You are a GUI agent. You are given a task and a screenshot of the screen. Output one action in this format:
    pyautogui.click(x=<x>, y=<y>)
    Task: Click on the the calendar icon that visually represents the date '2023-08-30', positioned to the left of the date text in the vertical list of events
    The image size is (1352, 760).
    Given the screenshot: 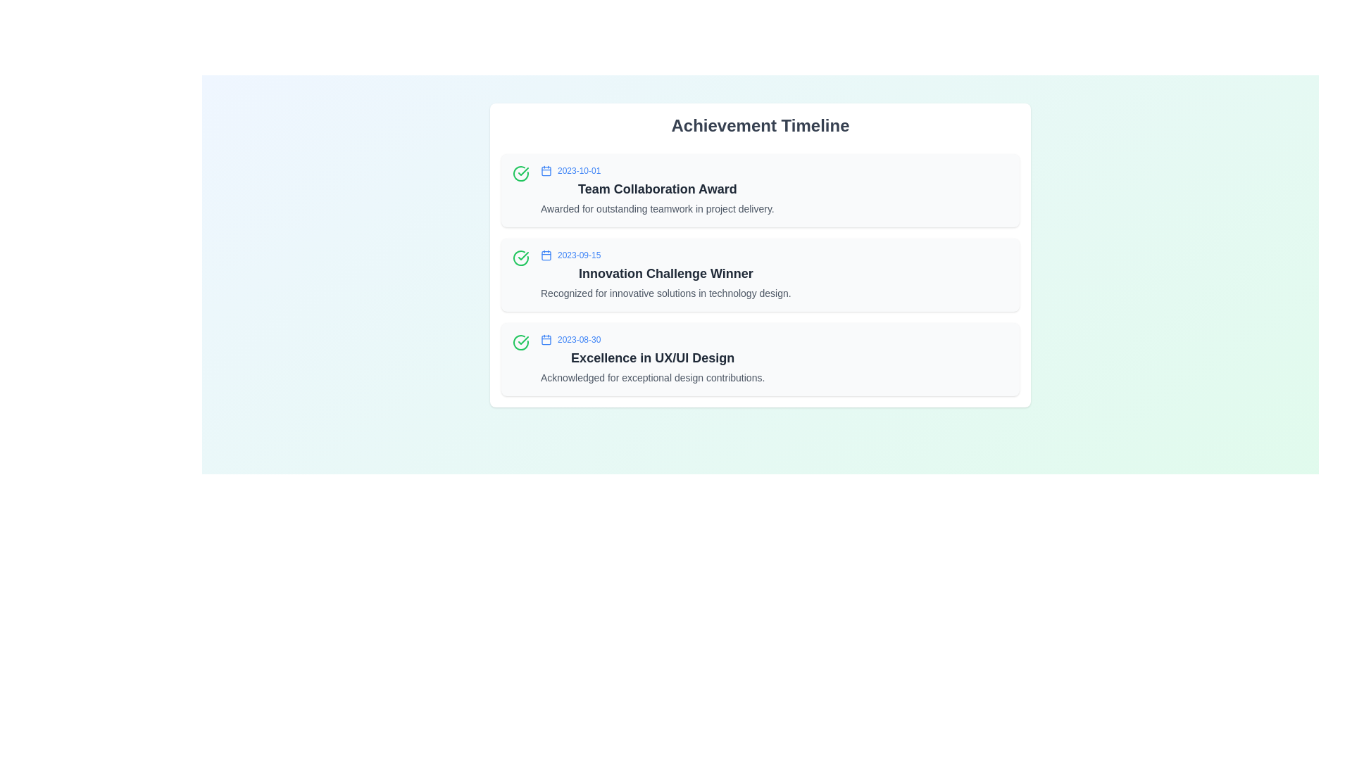 What is the action you would take?
    pyautogui.click(x=546, y=339)
    